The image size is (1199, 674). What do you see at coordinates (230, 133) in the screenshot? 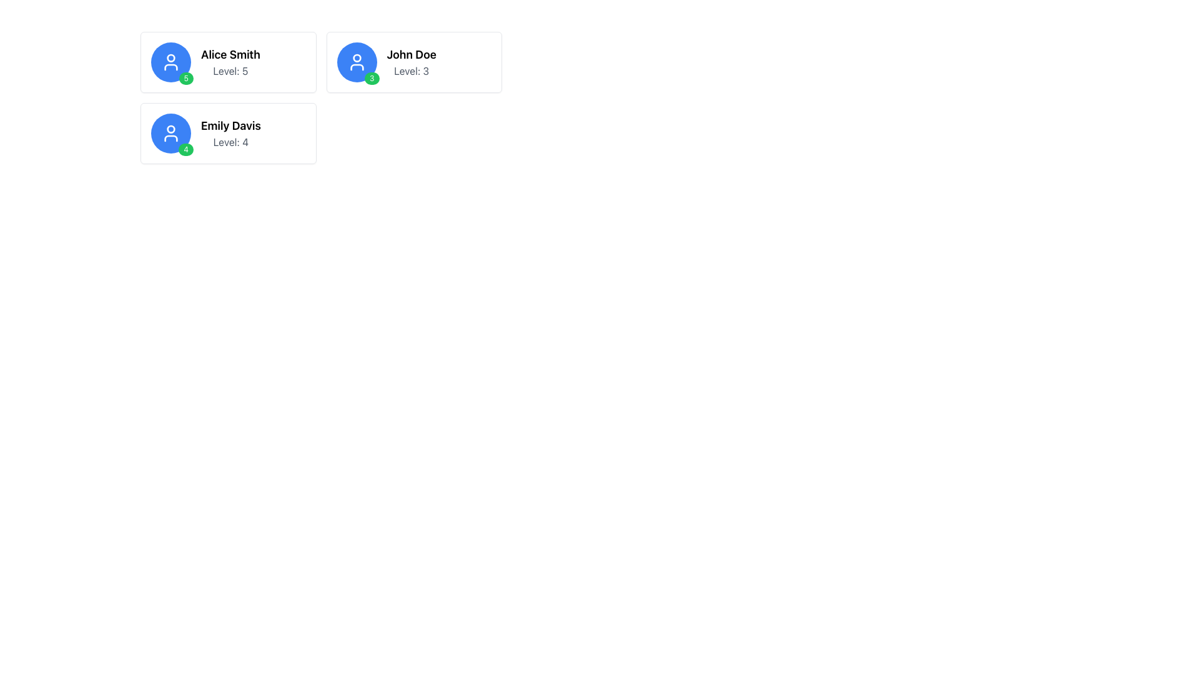
I see `user profile information displayed in the Text Display Element, which includes the name 'Emily Davis' and the level '4.'` at bounding box center [230, 133].